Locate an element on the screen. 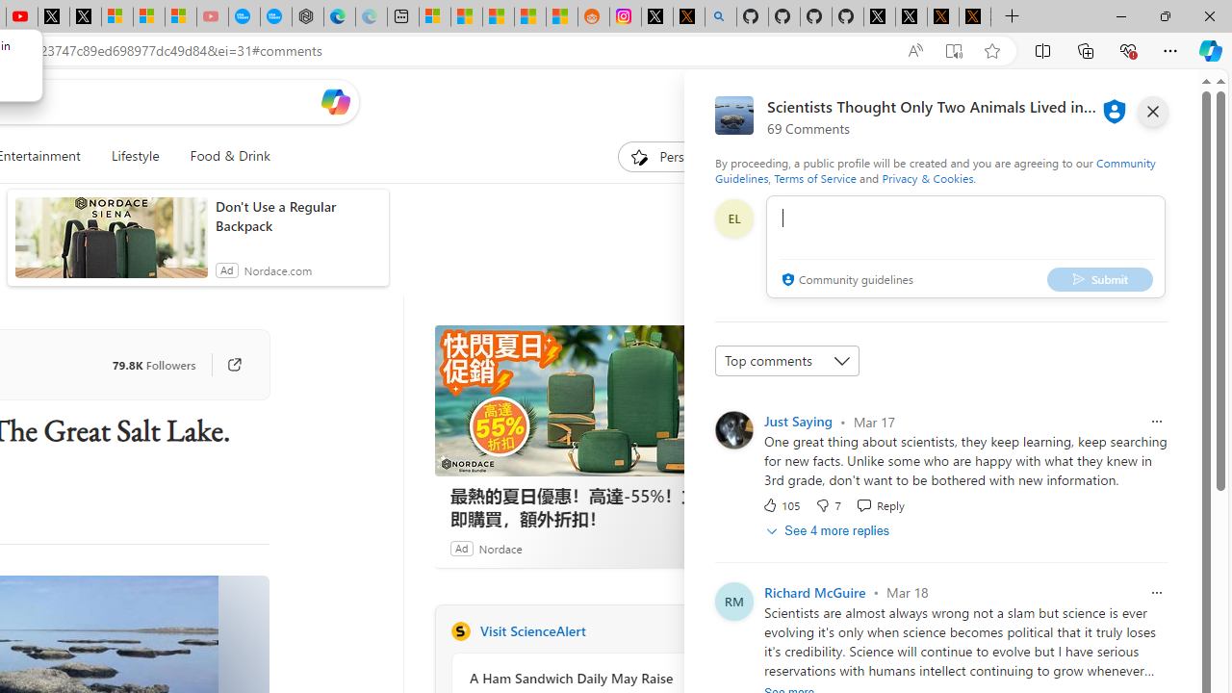 The image size is (1232, 693). 'Go to publisher' is located at coordinates (233, 365).